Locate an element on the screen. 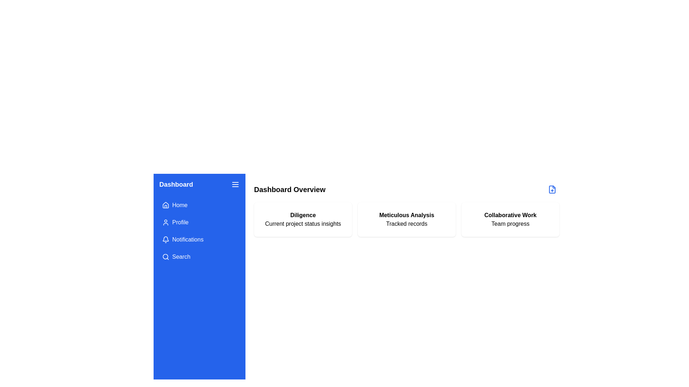 The image size is (689, 387). the bell icon representing the Notifications section in the sidebar, which is adjacent to the 'Notifications' text link is located at coordinates (165, 239).